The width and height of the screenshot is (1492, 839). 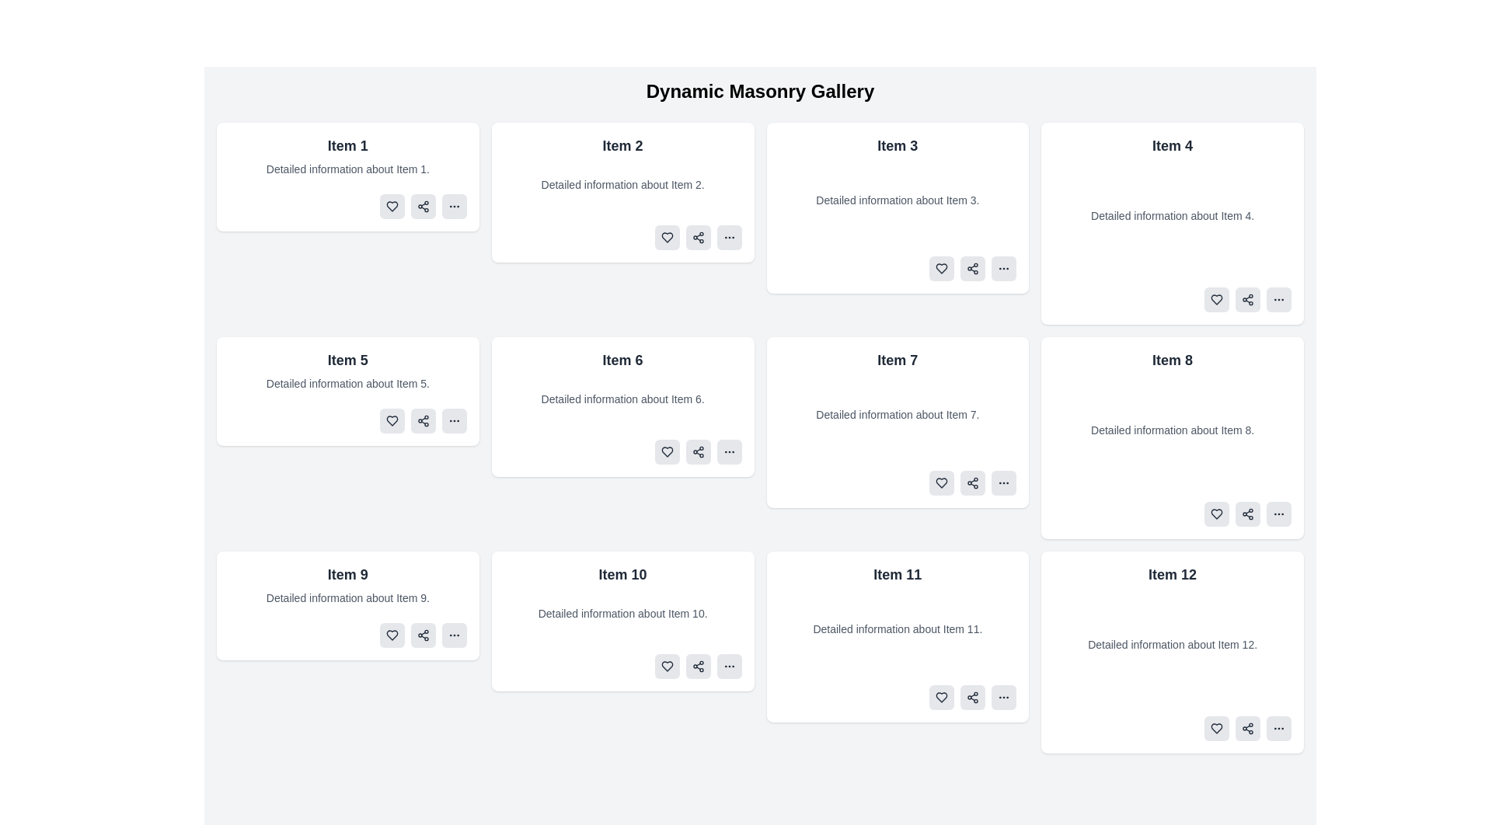 What do you see at coordinates (941, 482) in the screenshot?
I see `the heart-shaped SVG icon within the 'Item 7' card, which is styled as an outline and located below the descriptive text of the item` at bounding box center [941, 482].